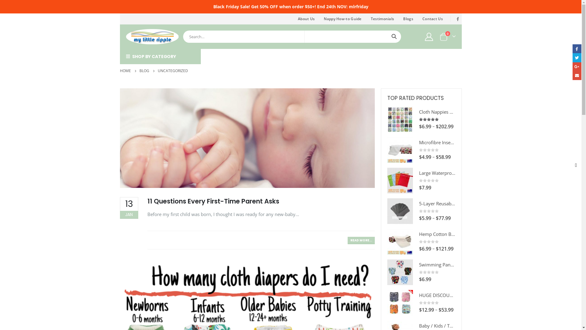 The height and width of the screenshot is (330, 586). What do you see at coordinates (125, 70) in the screenshot?
I see `'HOME'` at bounding box center [125, 70].